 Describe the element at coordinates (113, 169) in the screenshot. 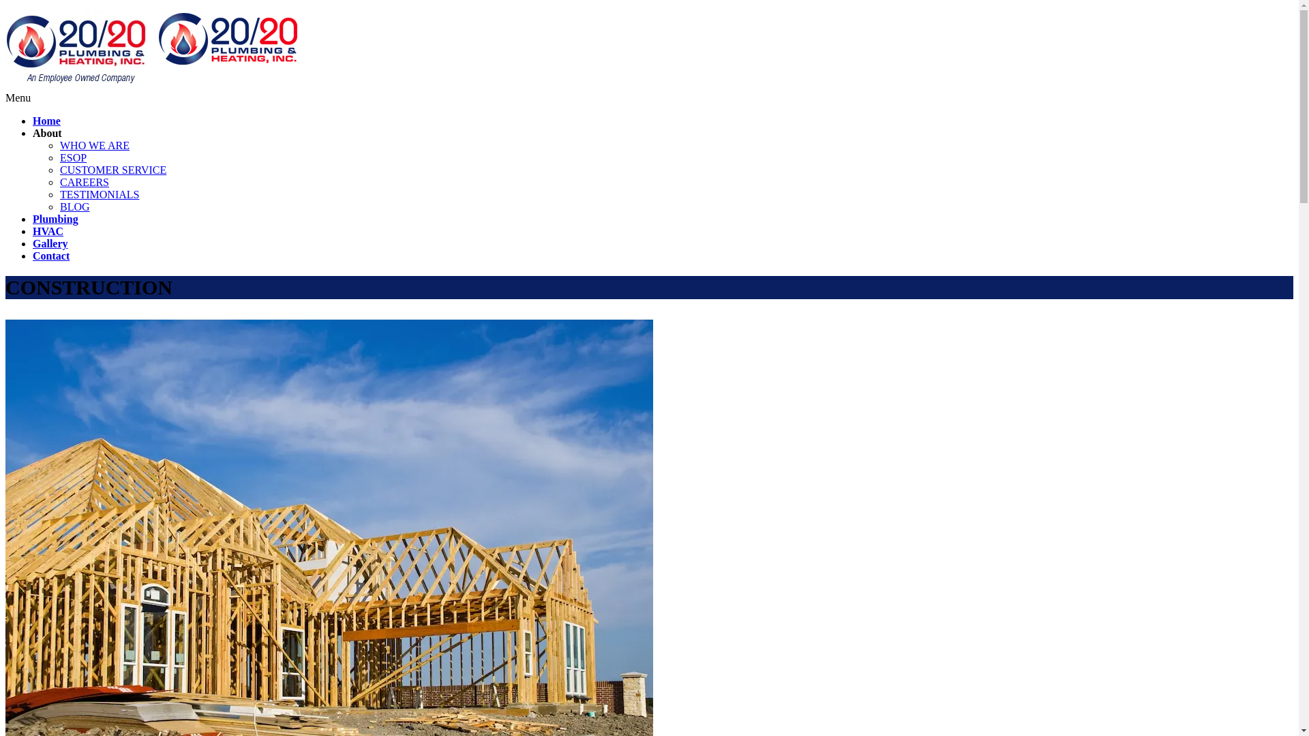

I see `'CUSTOMER SERVICE'` at that location.